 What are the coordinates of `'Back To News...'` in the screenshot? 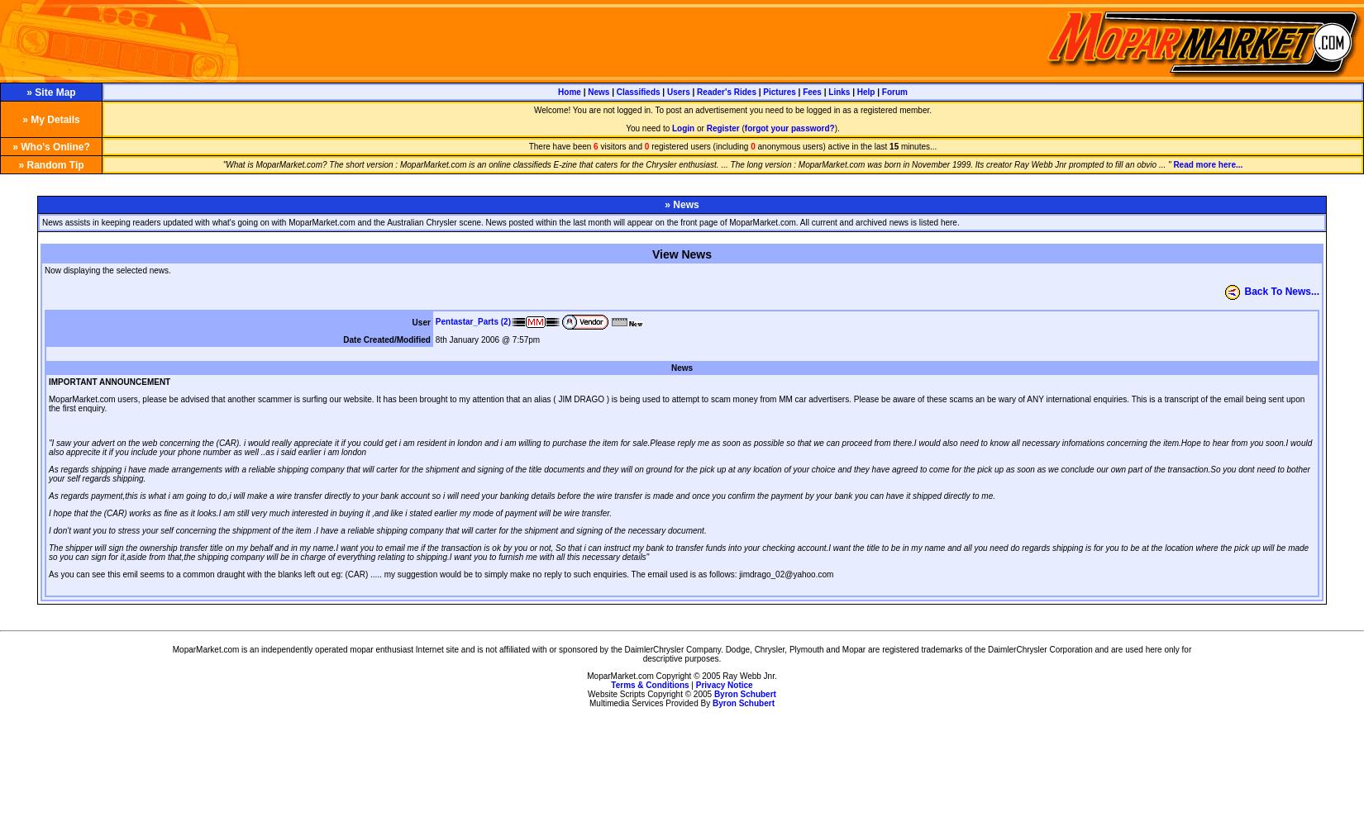 It's located at (1281, 291).